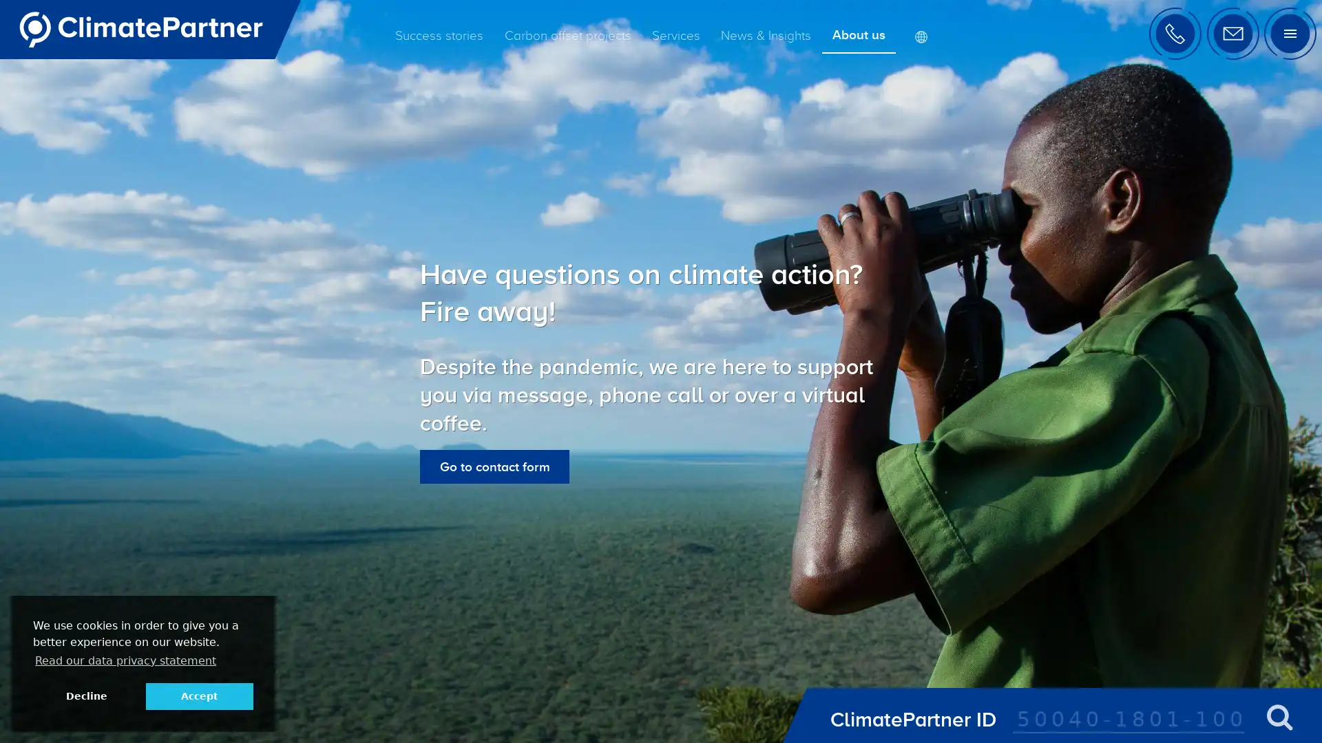 The height and width of the screenshot is (743, 1322). What do you see at coordinates (125, 660) in the screenshot?
I see `learn more about cookies` at bounding box center [125, 660].